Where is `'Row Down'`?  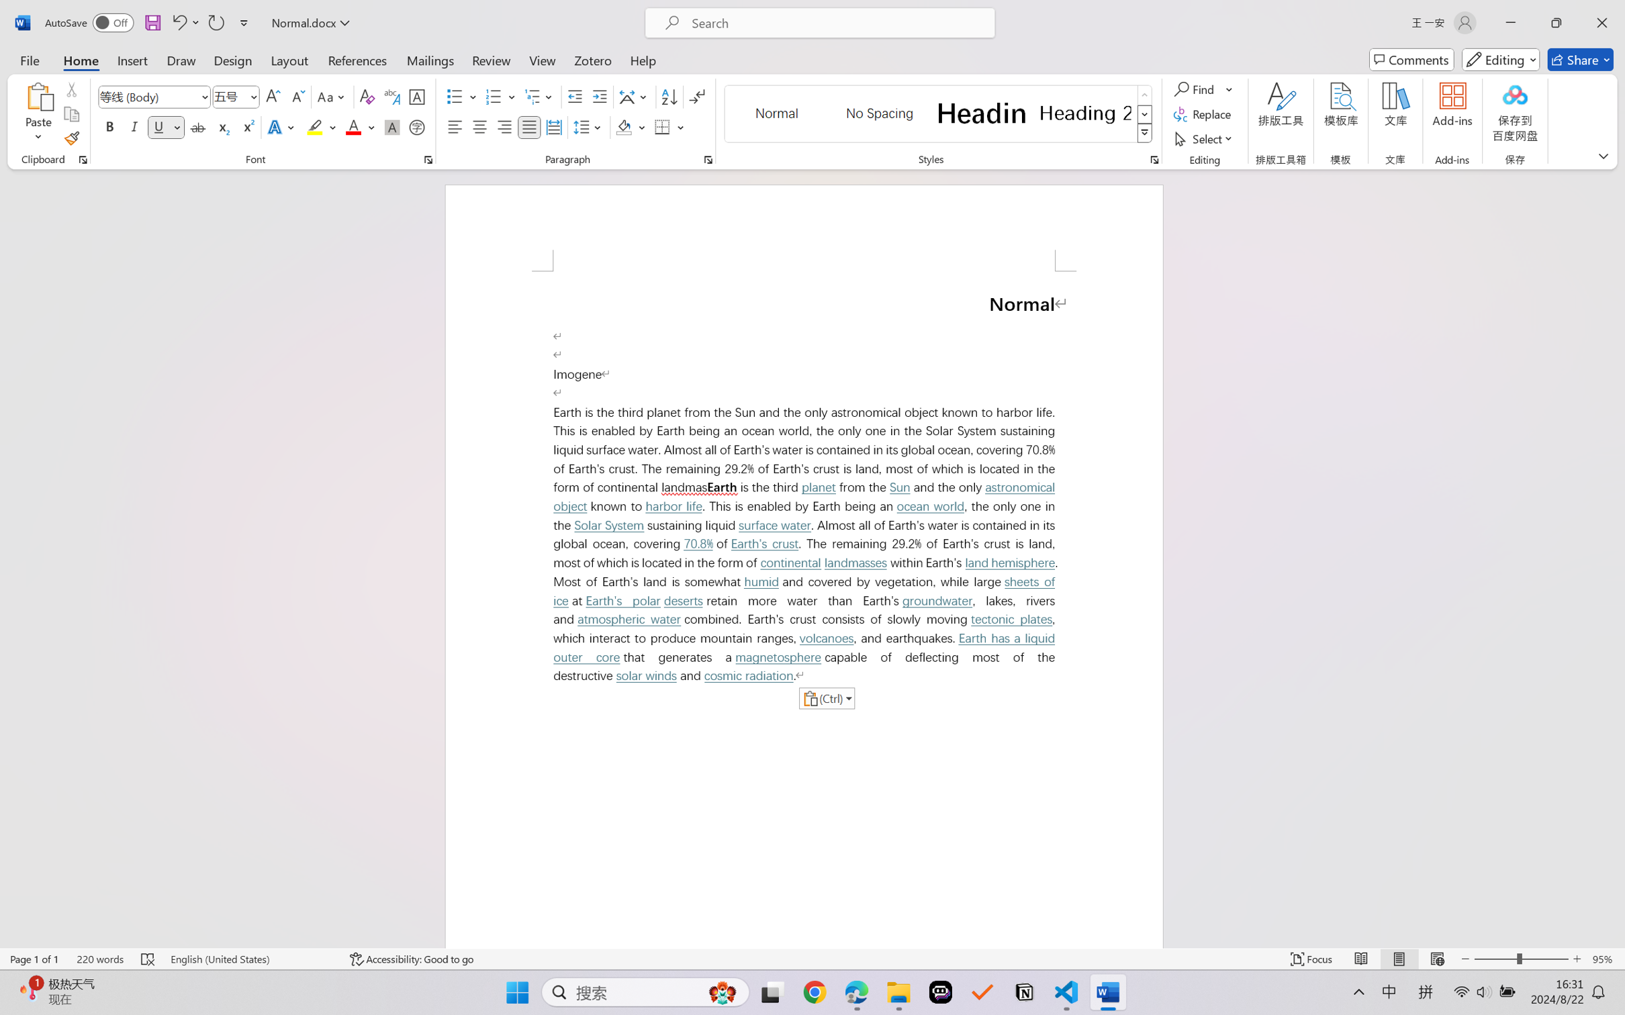
'Row Down' is located at coordinates (1144, 114).